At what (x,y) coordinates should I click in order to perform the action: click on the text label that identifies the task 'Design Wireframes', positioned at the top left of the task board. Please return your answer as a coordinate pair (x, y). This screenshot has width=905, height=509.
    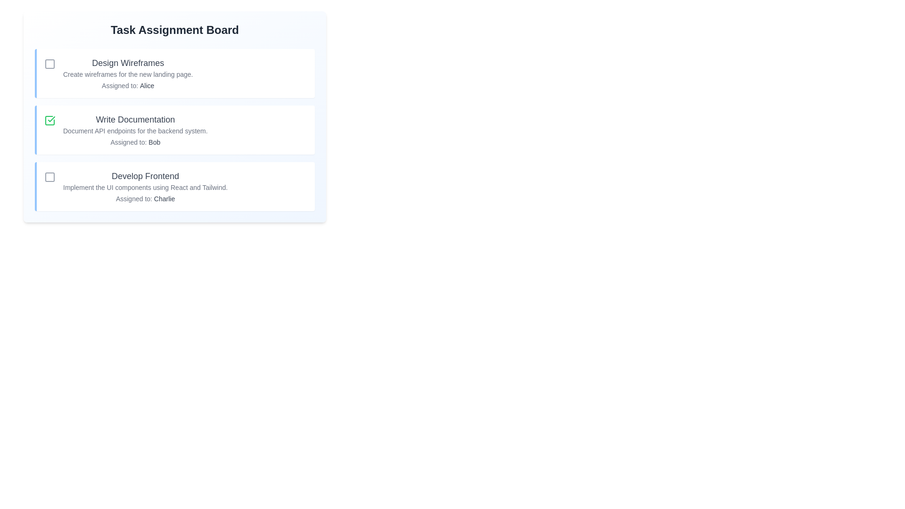
    Looking at the image, I should click on (127, 63).